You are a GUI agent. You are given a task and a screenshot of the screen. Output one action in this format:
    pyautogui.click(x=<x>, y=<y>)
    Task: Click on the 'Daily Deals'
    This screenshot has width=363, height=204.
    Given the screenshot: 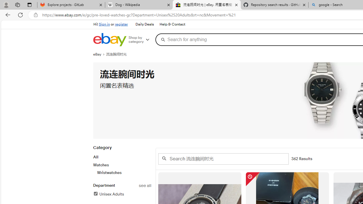 What is the action you would take?
    pyautogui.click(x=145, y=24)
    